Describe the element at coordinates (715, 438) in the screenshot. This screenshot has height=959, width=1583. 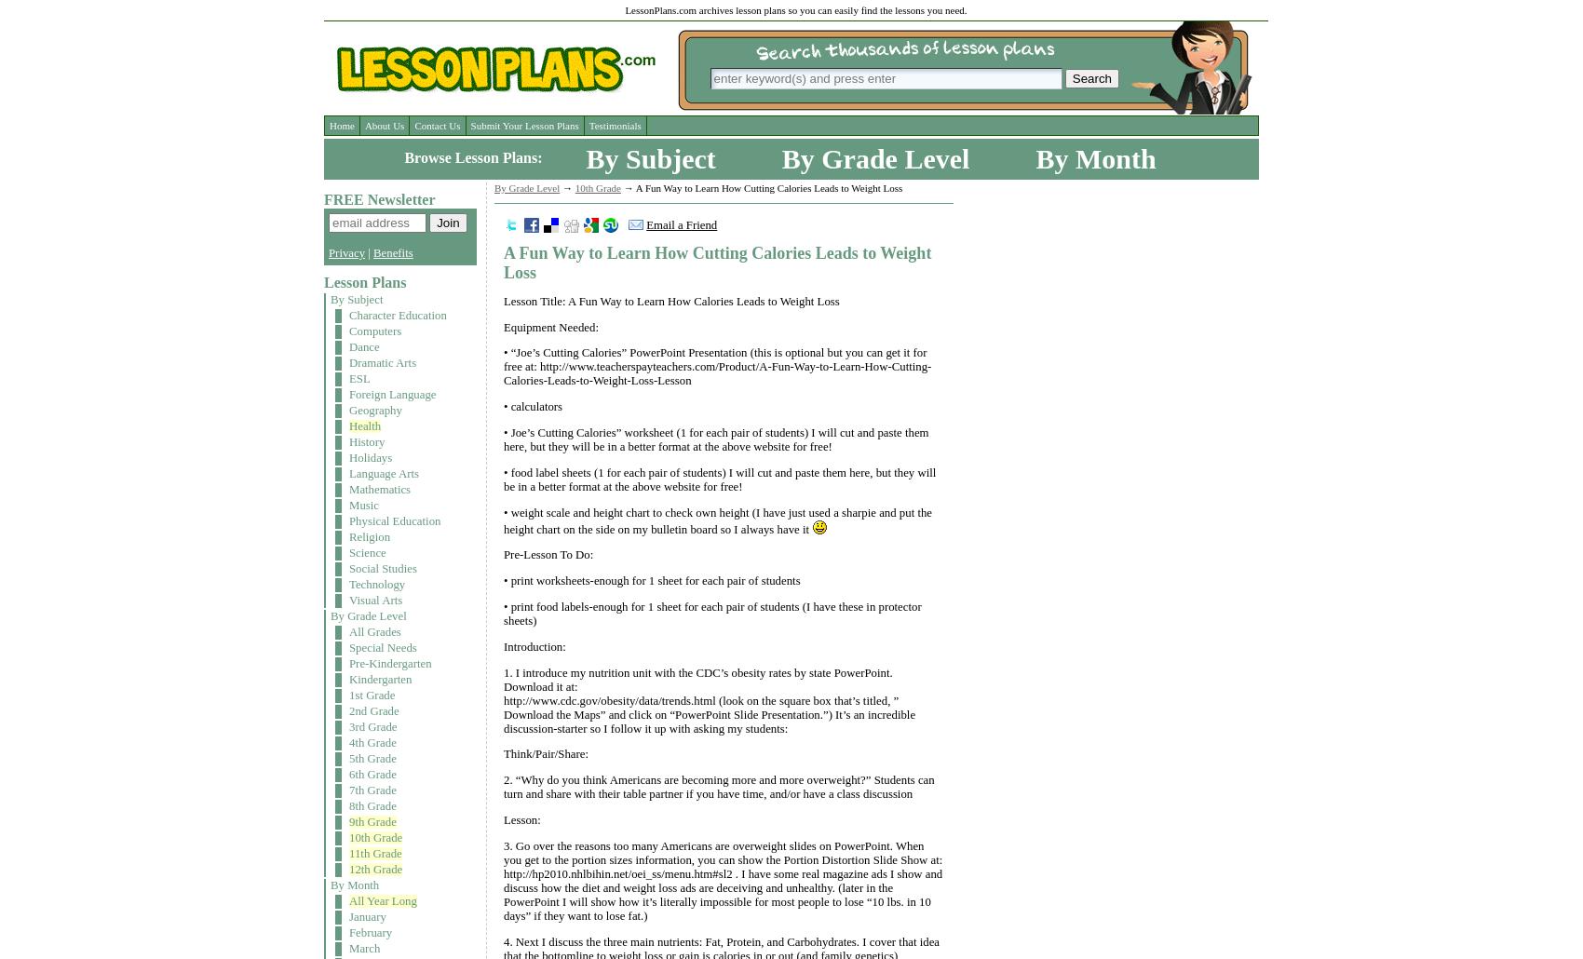
I see `'• Joe’s Cutting Calories” worksheet (1 for each pair of students) I will cut and paste them here, but they will be in a better format at the above website for free!'` at that location.